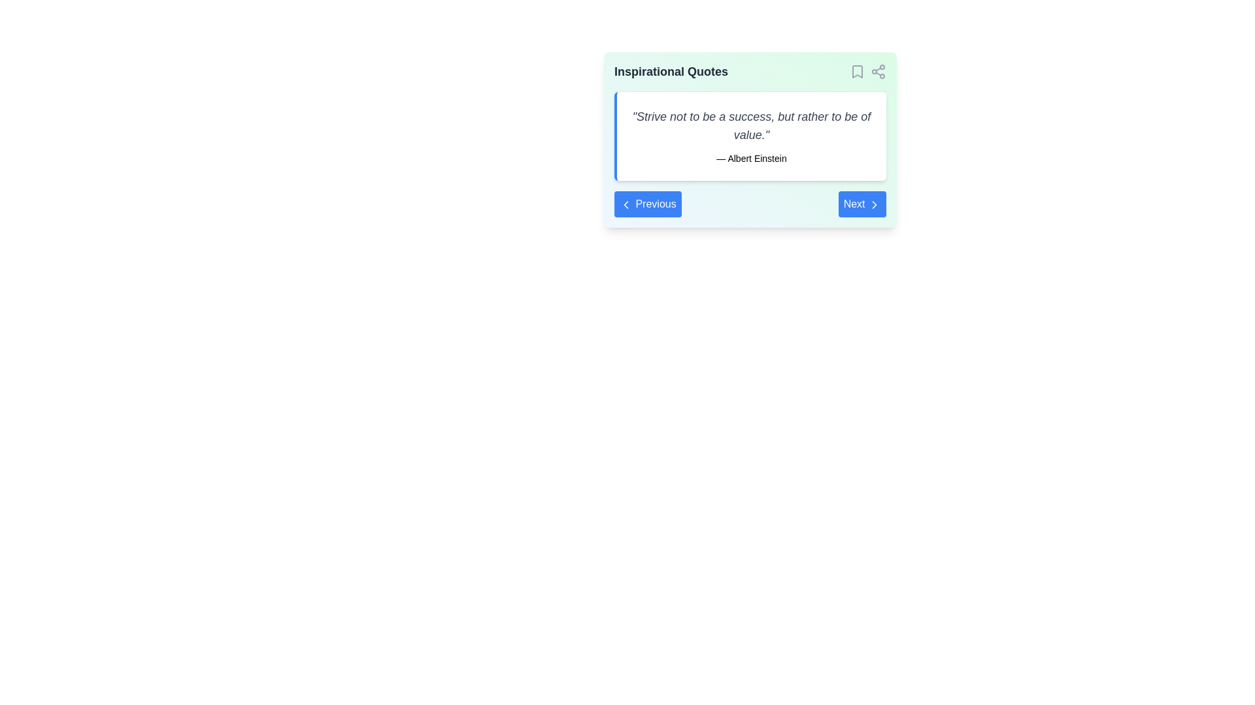  I want to click on the right-facing chevron arrow icon in the 'Next' button located at the bottom-right corner of the card to trigger hover effects, so click(875, 204).